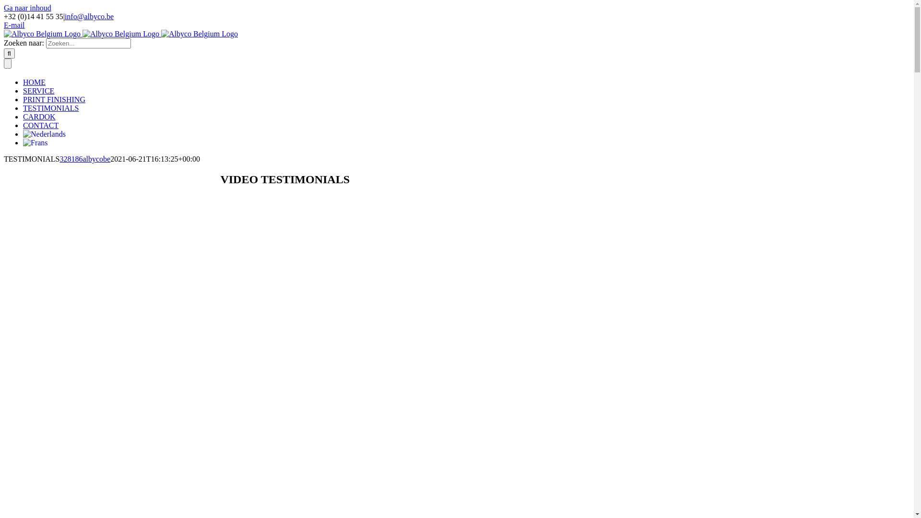 This screenshot has height=518, width=921. What do you see at coordinates (23, 91) in the screenshot?
I see `'SERVICE'` at bounding box center [23, 91].